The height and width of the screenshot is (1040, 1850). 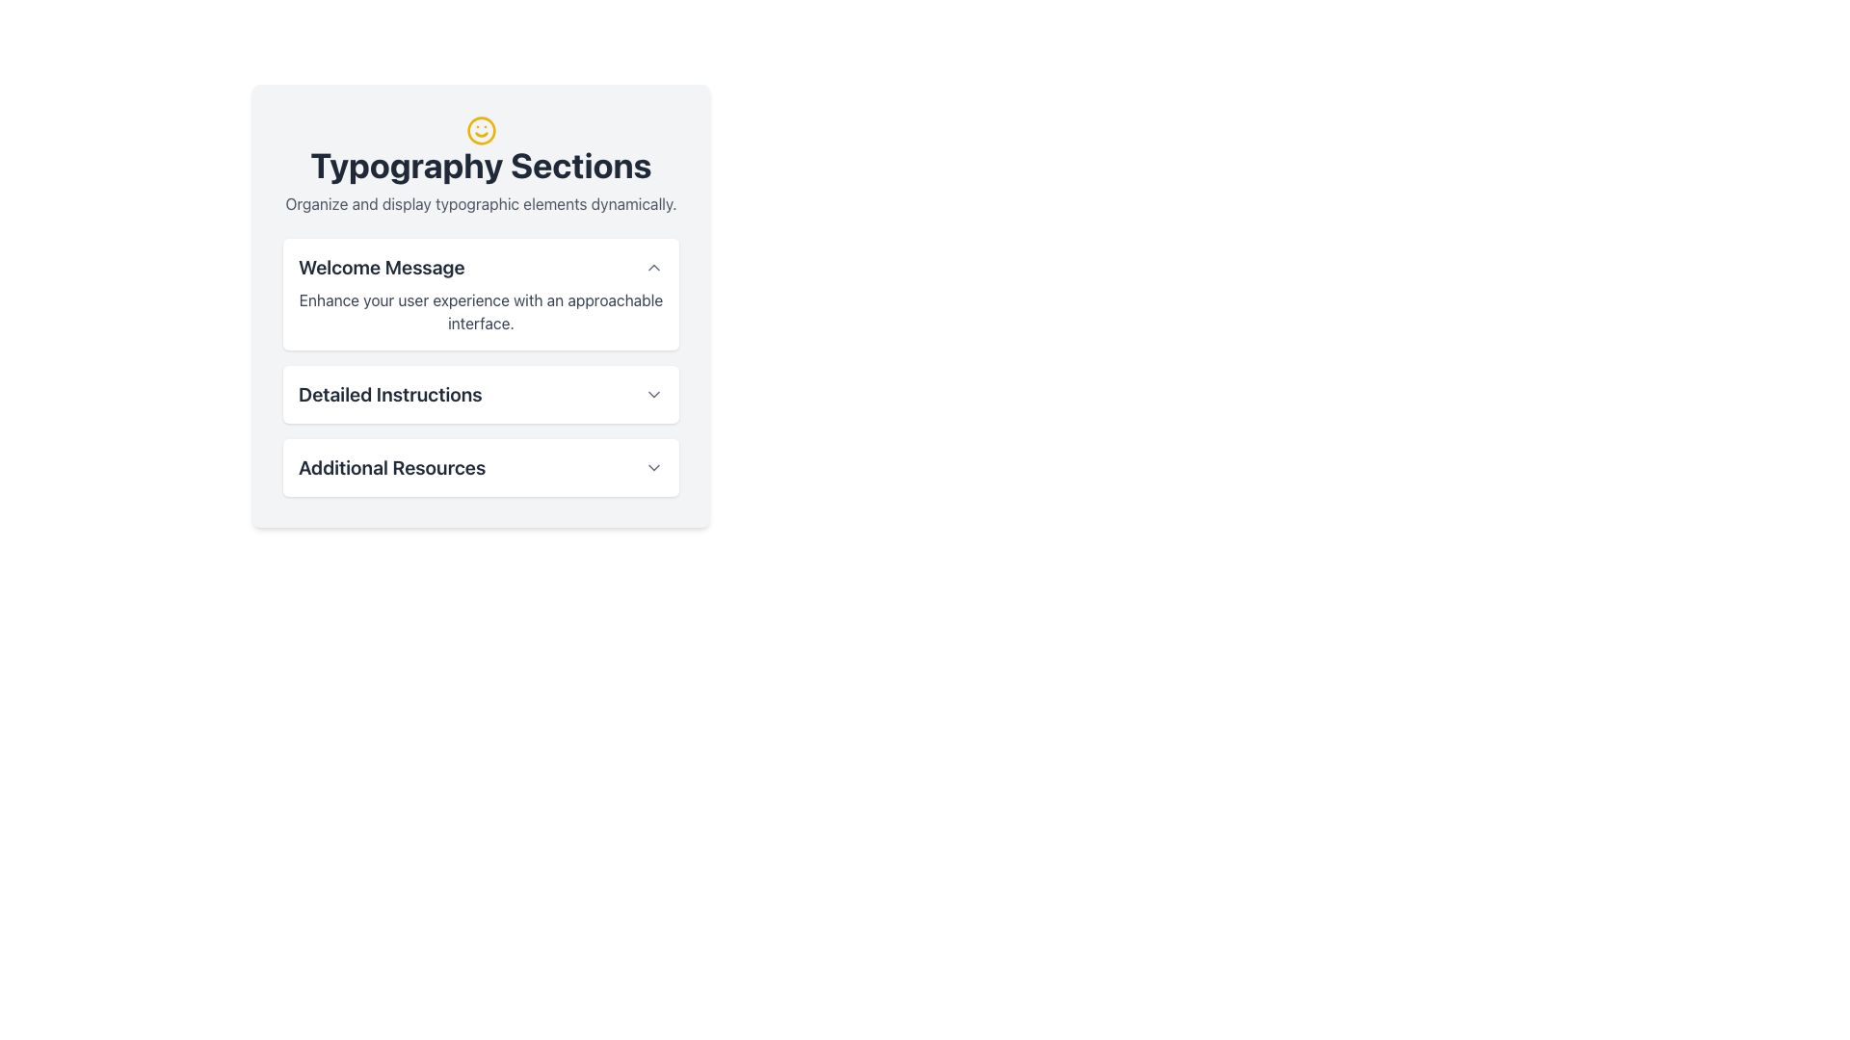 I want to click on the text label displaying 'Welcome Message', which is styled in large, bold, dark gray font and positioned at the top of its collapsible section, so click(x=382, y=267).